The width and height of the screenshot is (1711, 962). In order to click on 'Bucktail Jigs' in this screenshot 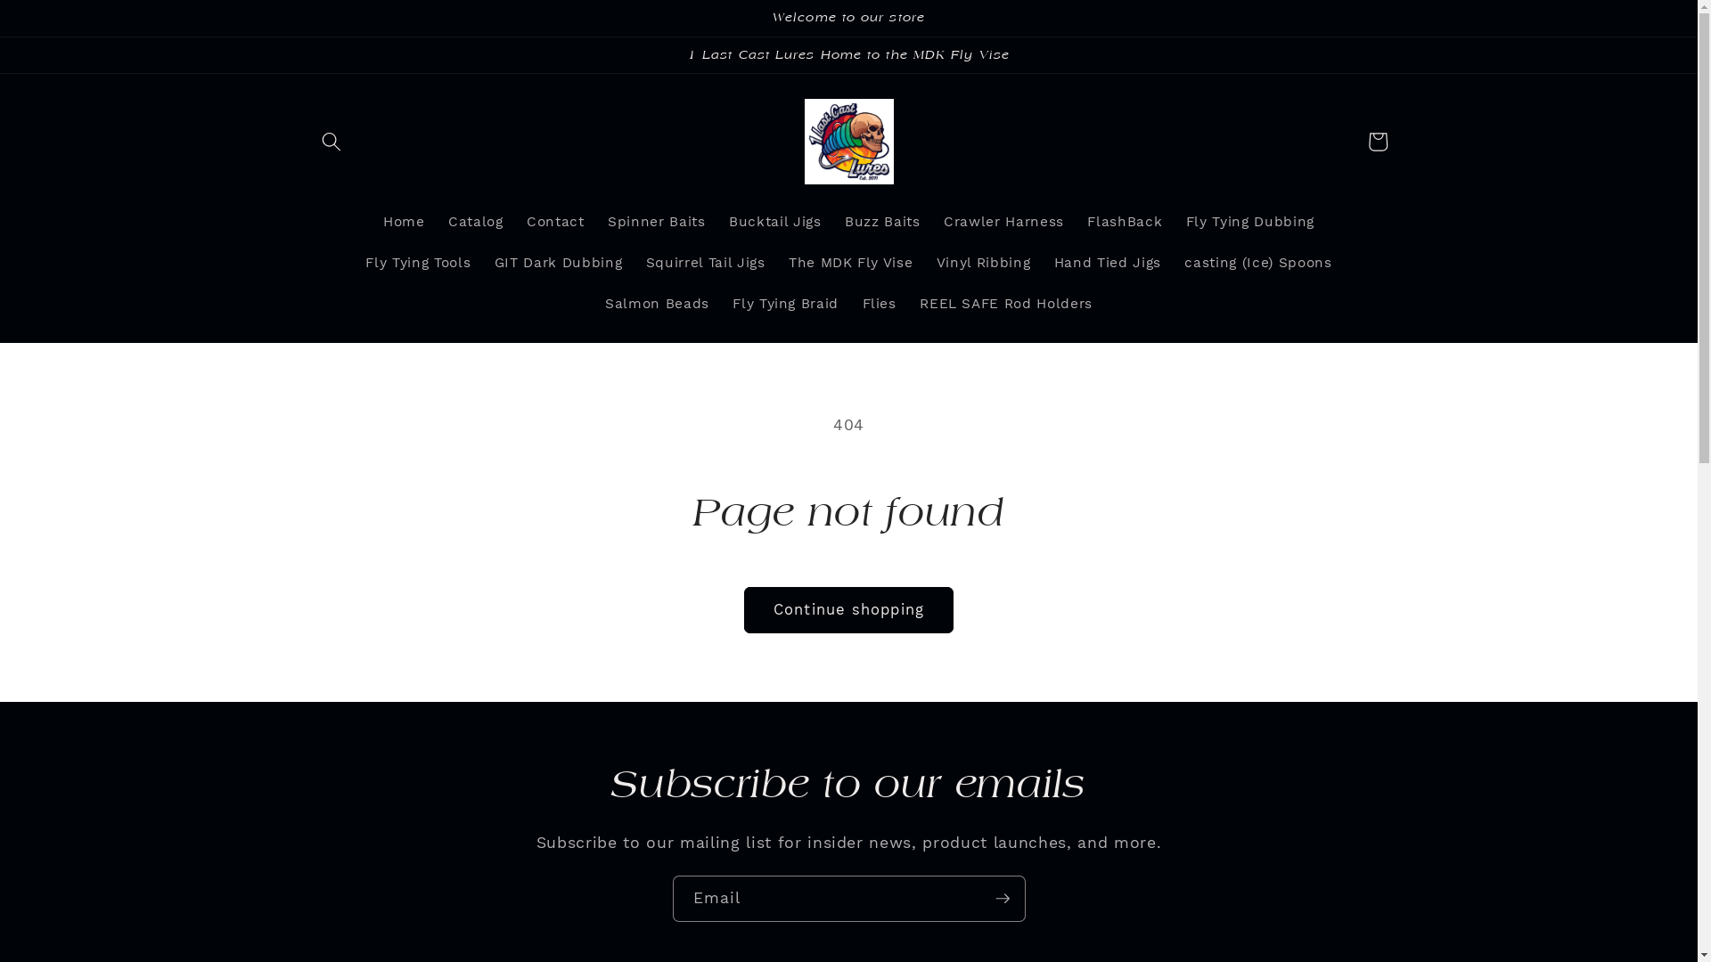, I will do `click(774, 222)`.